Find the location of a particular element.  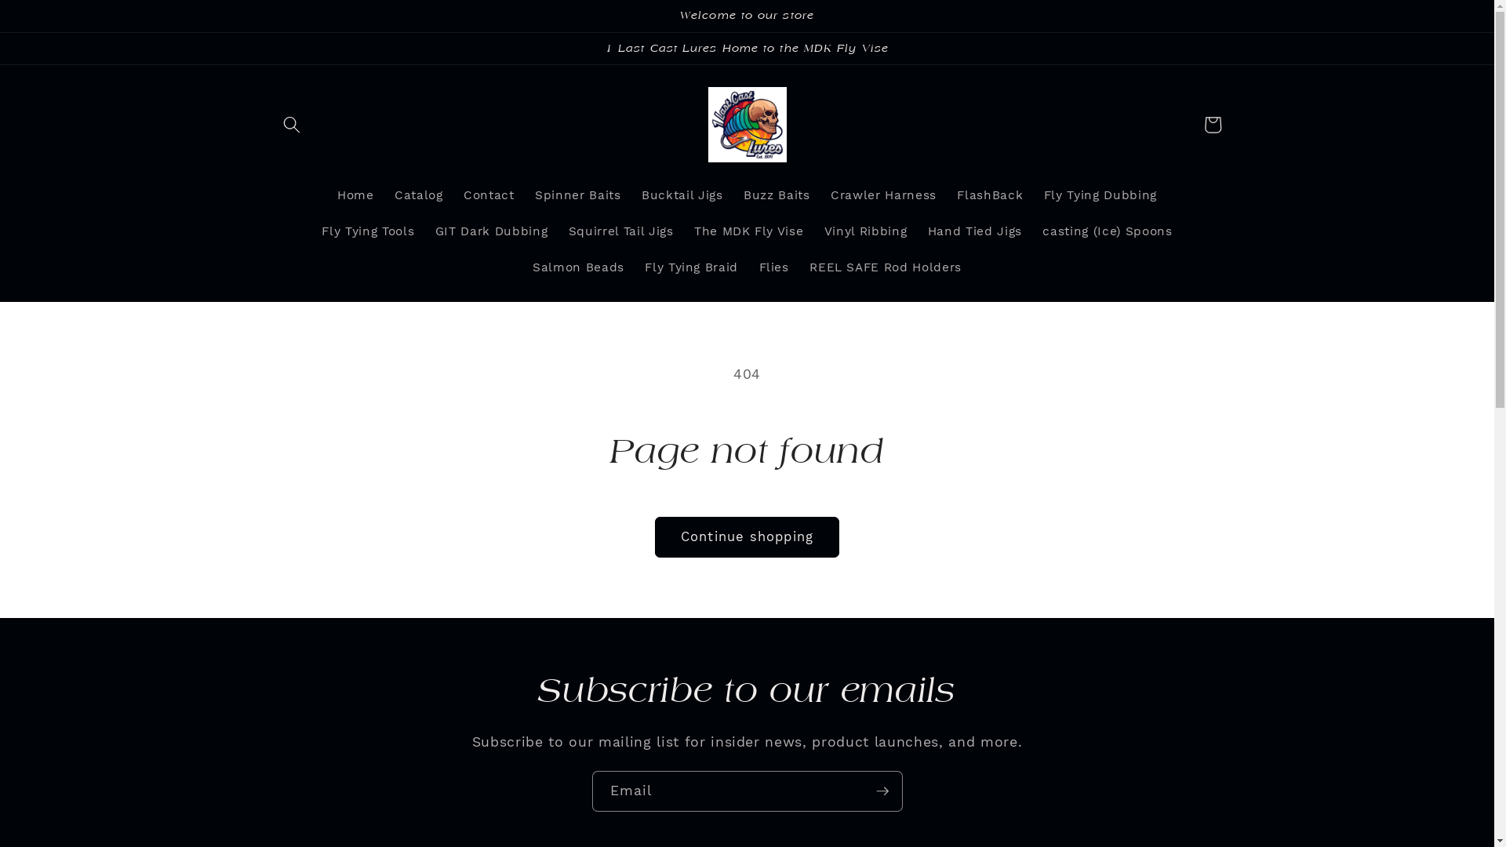

'Spinner Baits' is located at coordinates (577, 195).